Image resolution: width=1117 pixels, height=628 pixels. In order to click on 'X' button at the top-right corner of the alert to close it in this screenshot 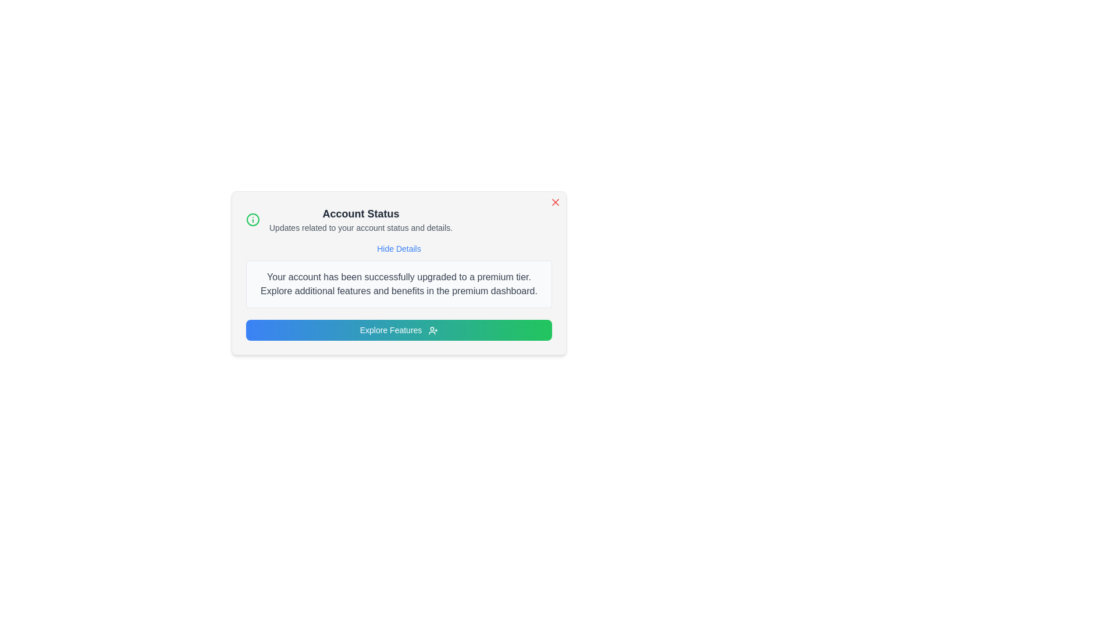, I will do `click(555, 201)`.